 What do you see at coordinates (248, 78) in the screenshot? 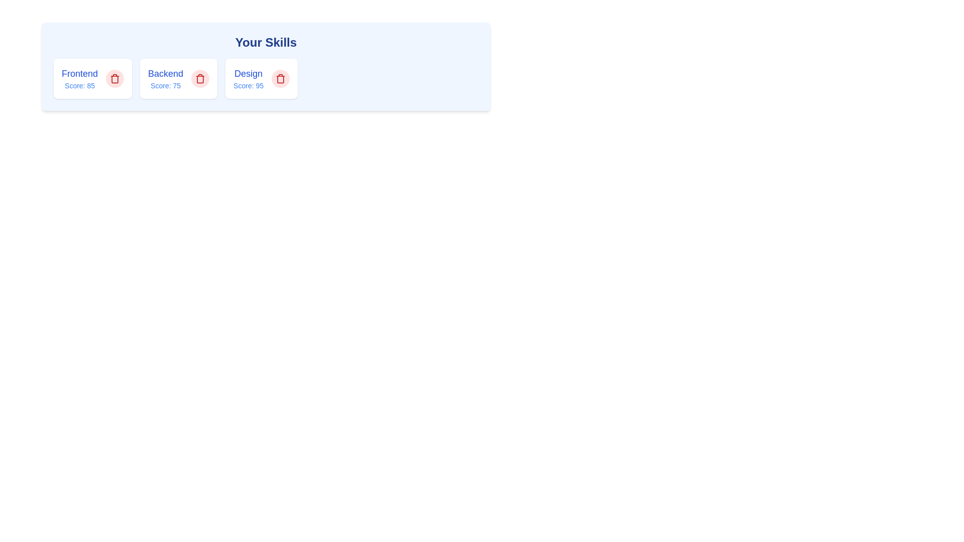
I see `the tag with name Design to see its hover effect` at bounding box center [248, 78].